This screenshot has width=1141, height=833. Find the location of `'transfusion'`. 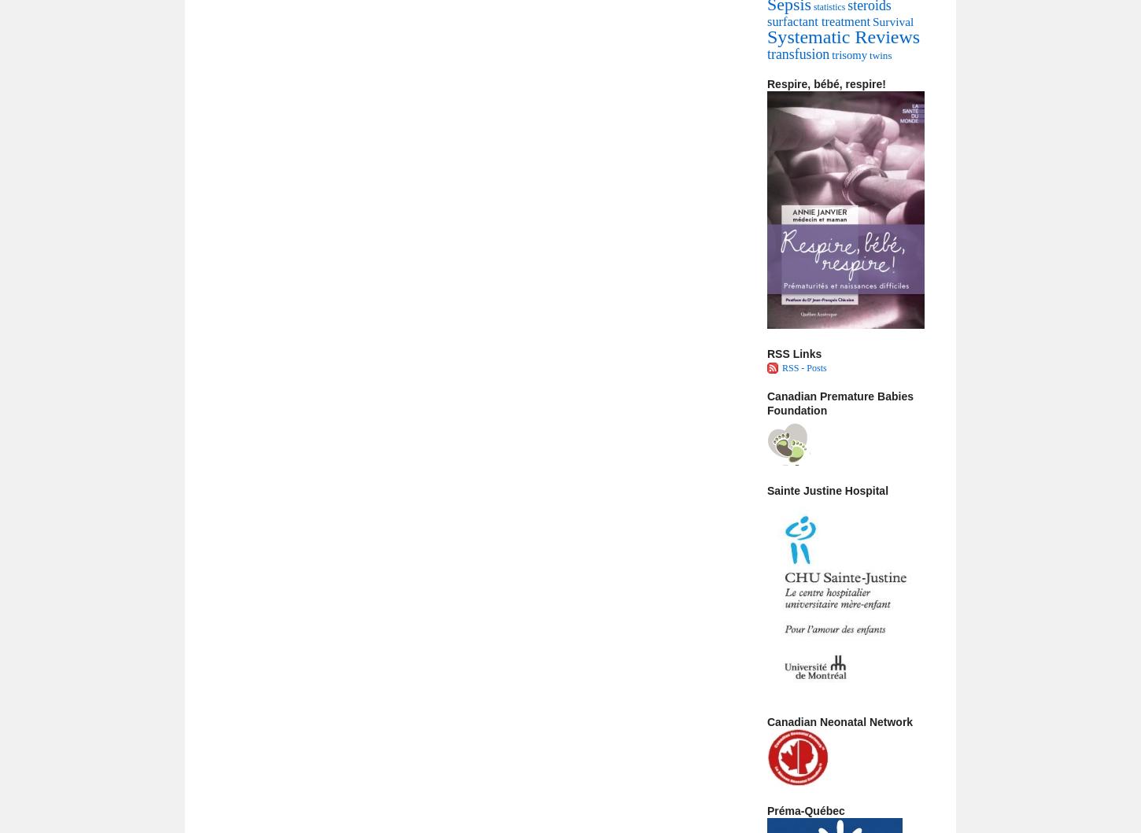

'transfusion' is located at coordinates (766, 54).